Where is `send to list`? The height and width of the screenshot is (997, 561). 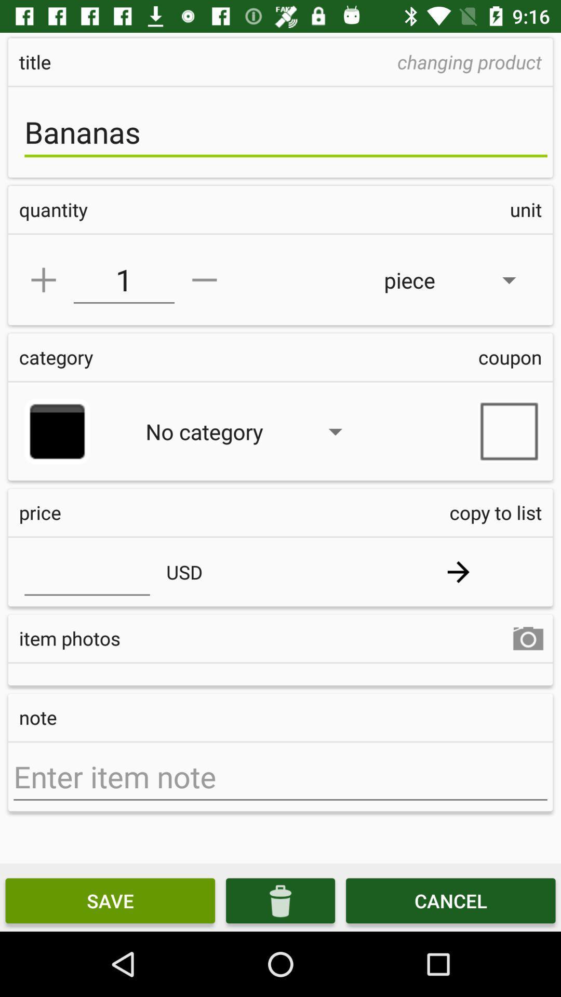
send to list is located at coordinates (458, 571).